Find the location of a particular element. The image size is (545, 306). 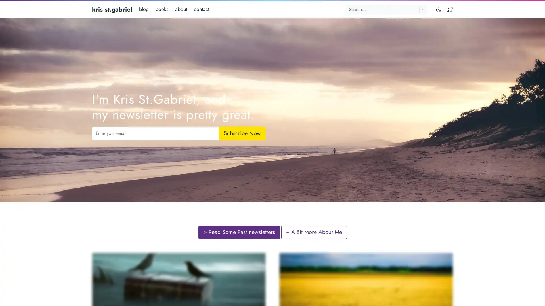

Subscribe Now is located at coordinates (242, 133).